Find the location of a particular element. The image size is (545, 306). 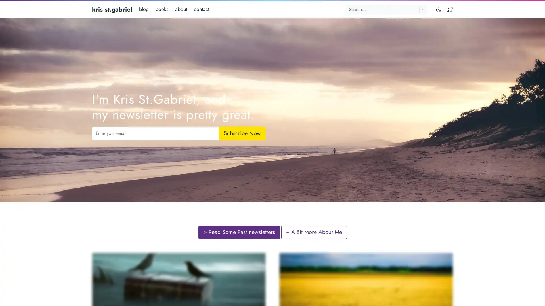

Subscribe Now is located at coordinates (242, 133).